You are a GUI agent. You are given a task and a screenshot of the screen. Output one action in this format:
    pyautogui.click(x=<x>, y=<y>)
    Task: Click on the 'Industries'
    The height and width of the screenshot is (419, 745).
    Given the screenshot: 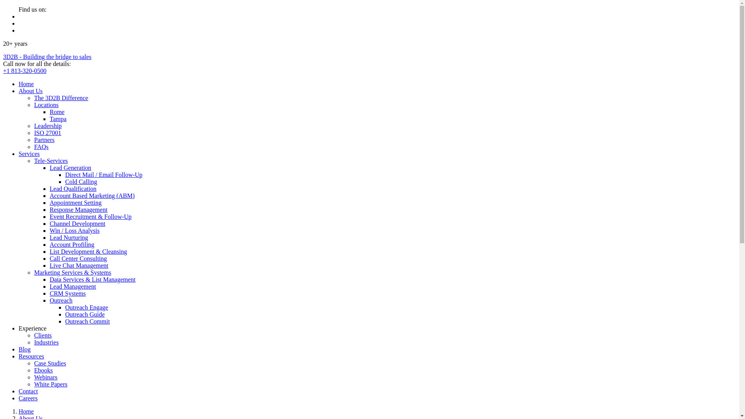 What is the action you would take?
    pyautogui.click(x=46, y=342)
    